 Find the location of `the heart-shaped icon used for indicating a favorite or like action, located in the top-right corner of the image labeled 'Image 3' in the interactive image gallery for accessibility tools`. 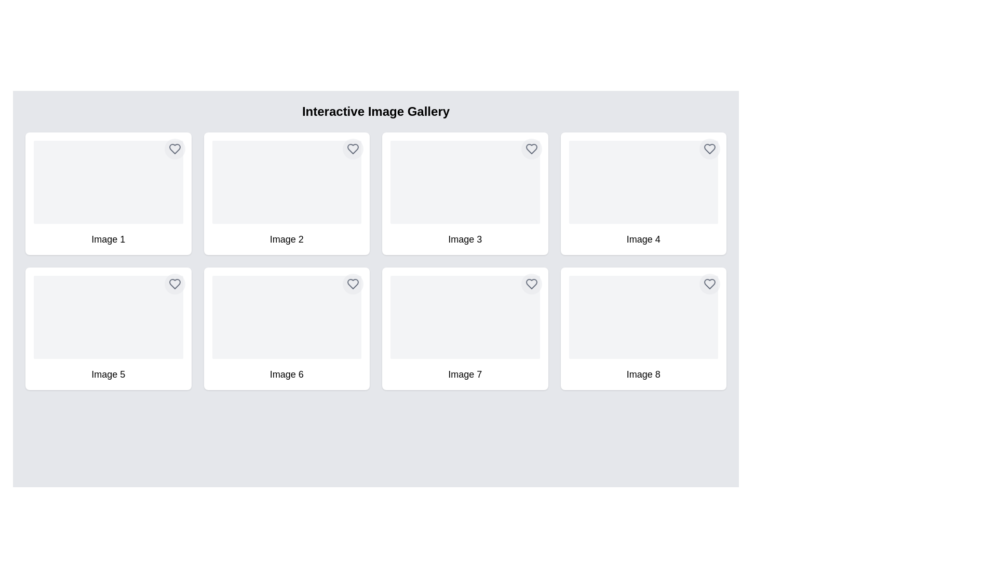

the heart-shaped icon used for indicating a favorite or like action, located in the top-right corner of the image labeled 'Image 3' in the interactive image gallery for accessibility tools is located at coordinates (531, 149).